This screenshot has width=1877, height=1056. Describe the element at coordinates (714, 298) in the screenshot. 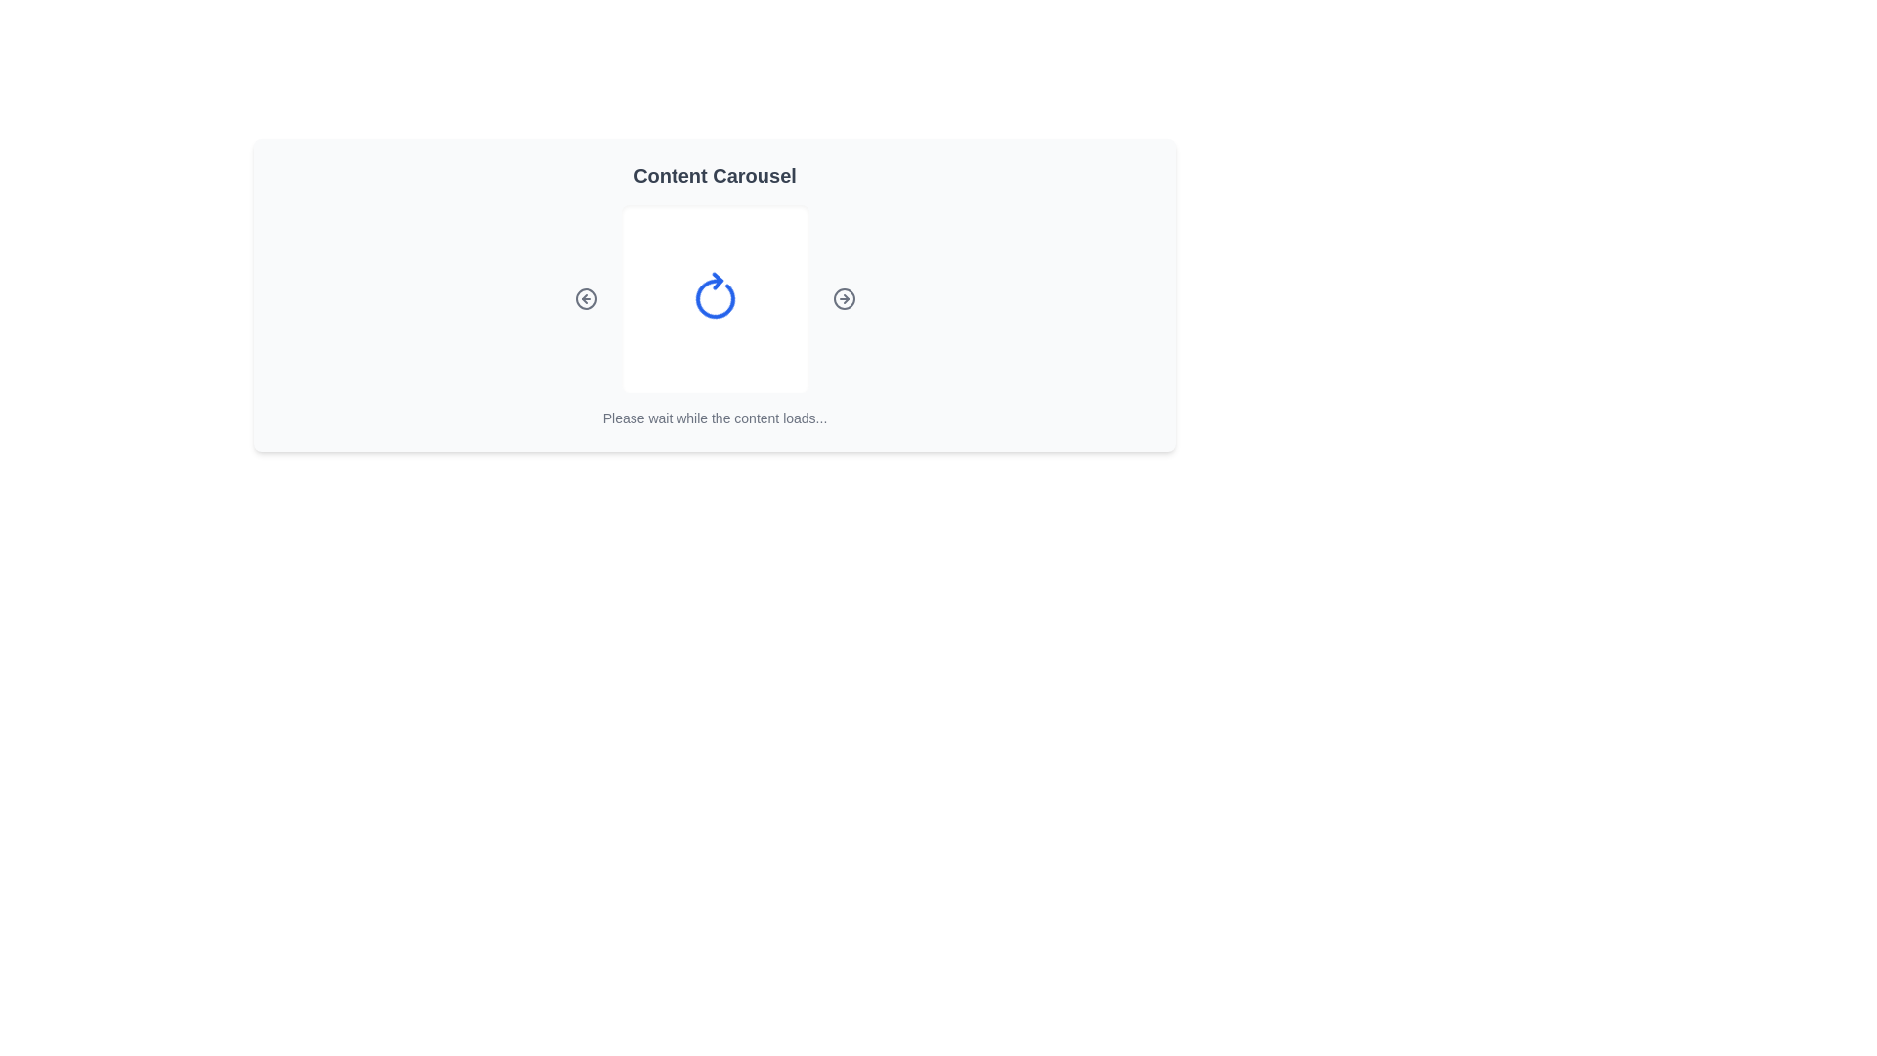

I see `the loading icon SVG graphic that indicates a loading or progress state, centrally aligned within a carousel interface` at that location.